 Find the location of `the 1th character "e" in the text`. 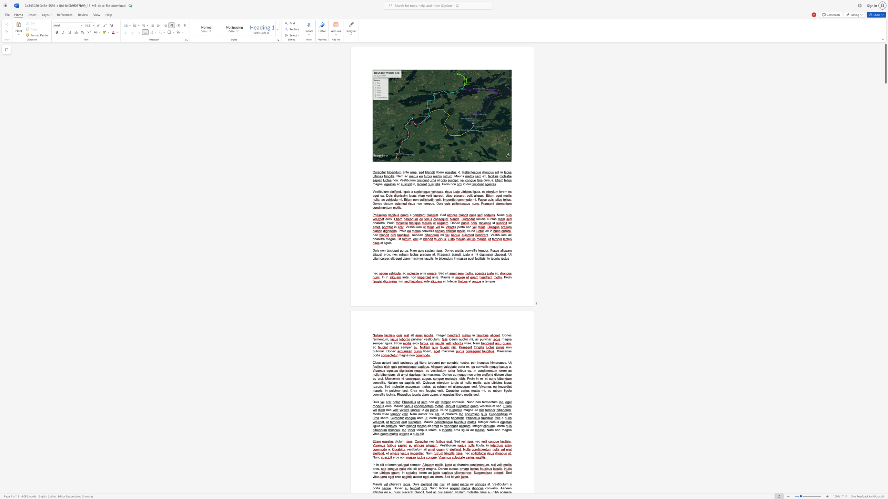

the 1th character "e" in the text is located at coordinates (486, 281).